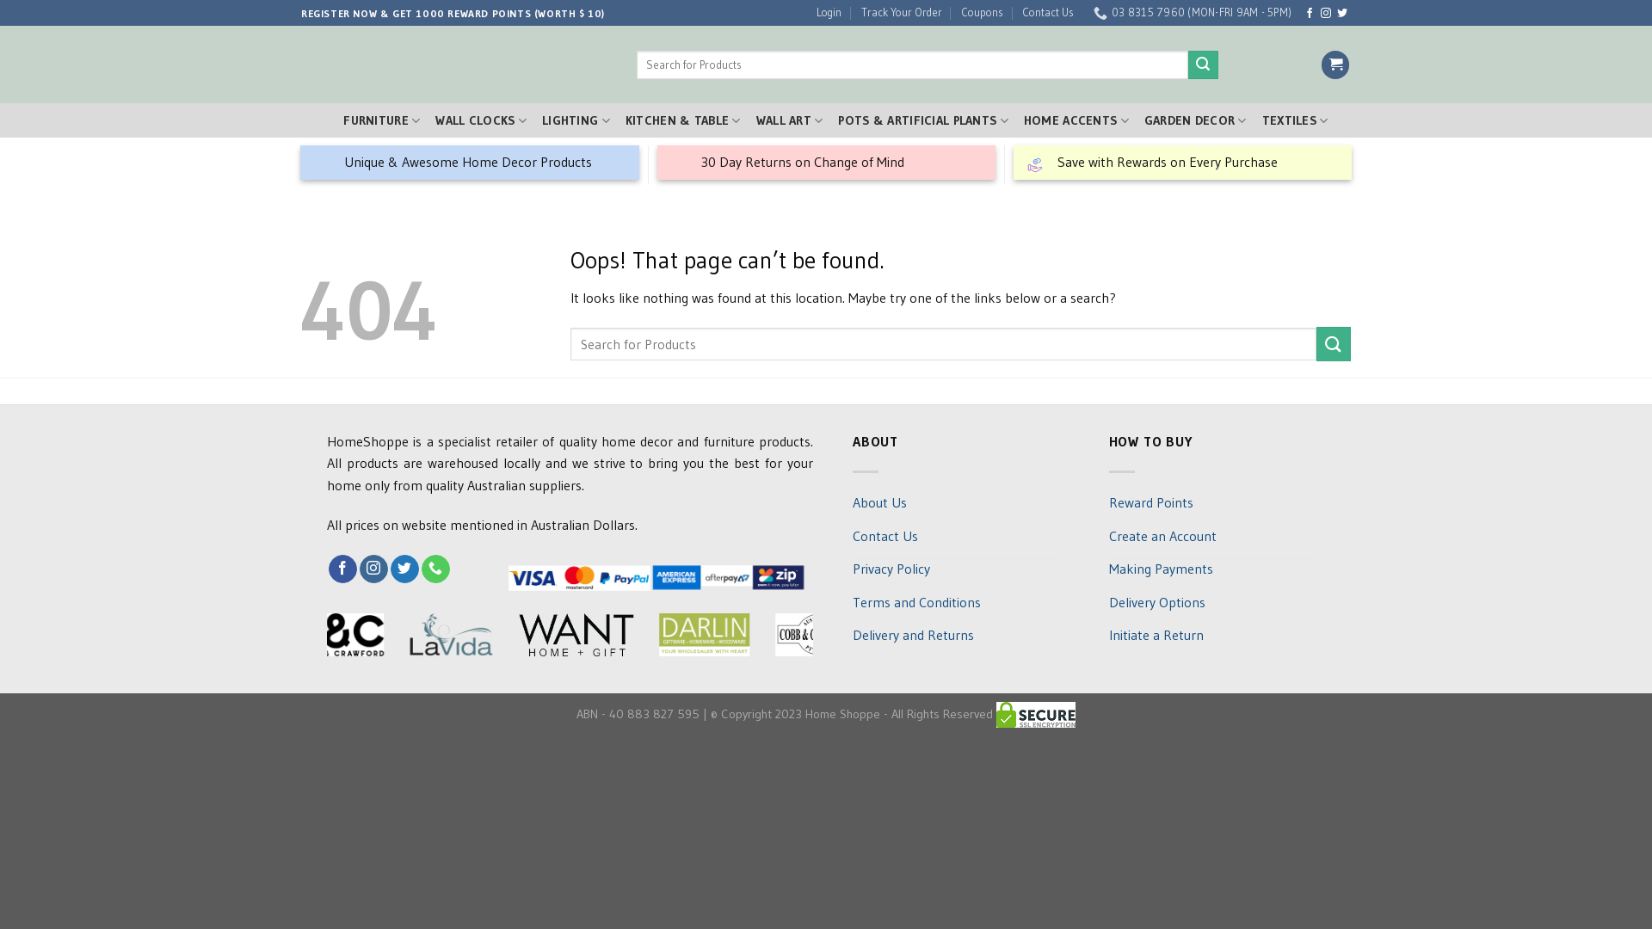 The image size is (1652, 929). What do you see at coordinates (1015, 13) in the screenshot?
I see `'Contact Us'` at bounding box center [1015, 13].